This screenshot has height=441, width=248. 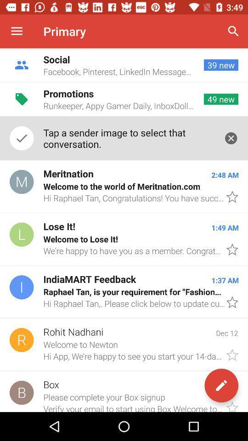 I want to click on tap a sender, so click(x=128, y=138).